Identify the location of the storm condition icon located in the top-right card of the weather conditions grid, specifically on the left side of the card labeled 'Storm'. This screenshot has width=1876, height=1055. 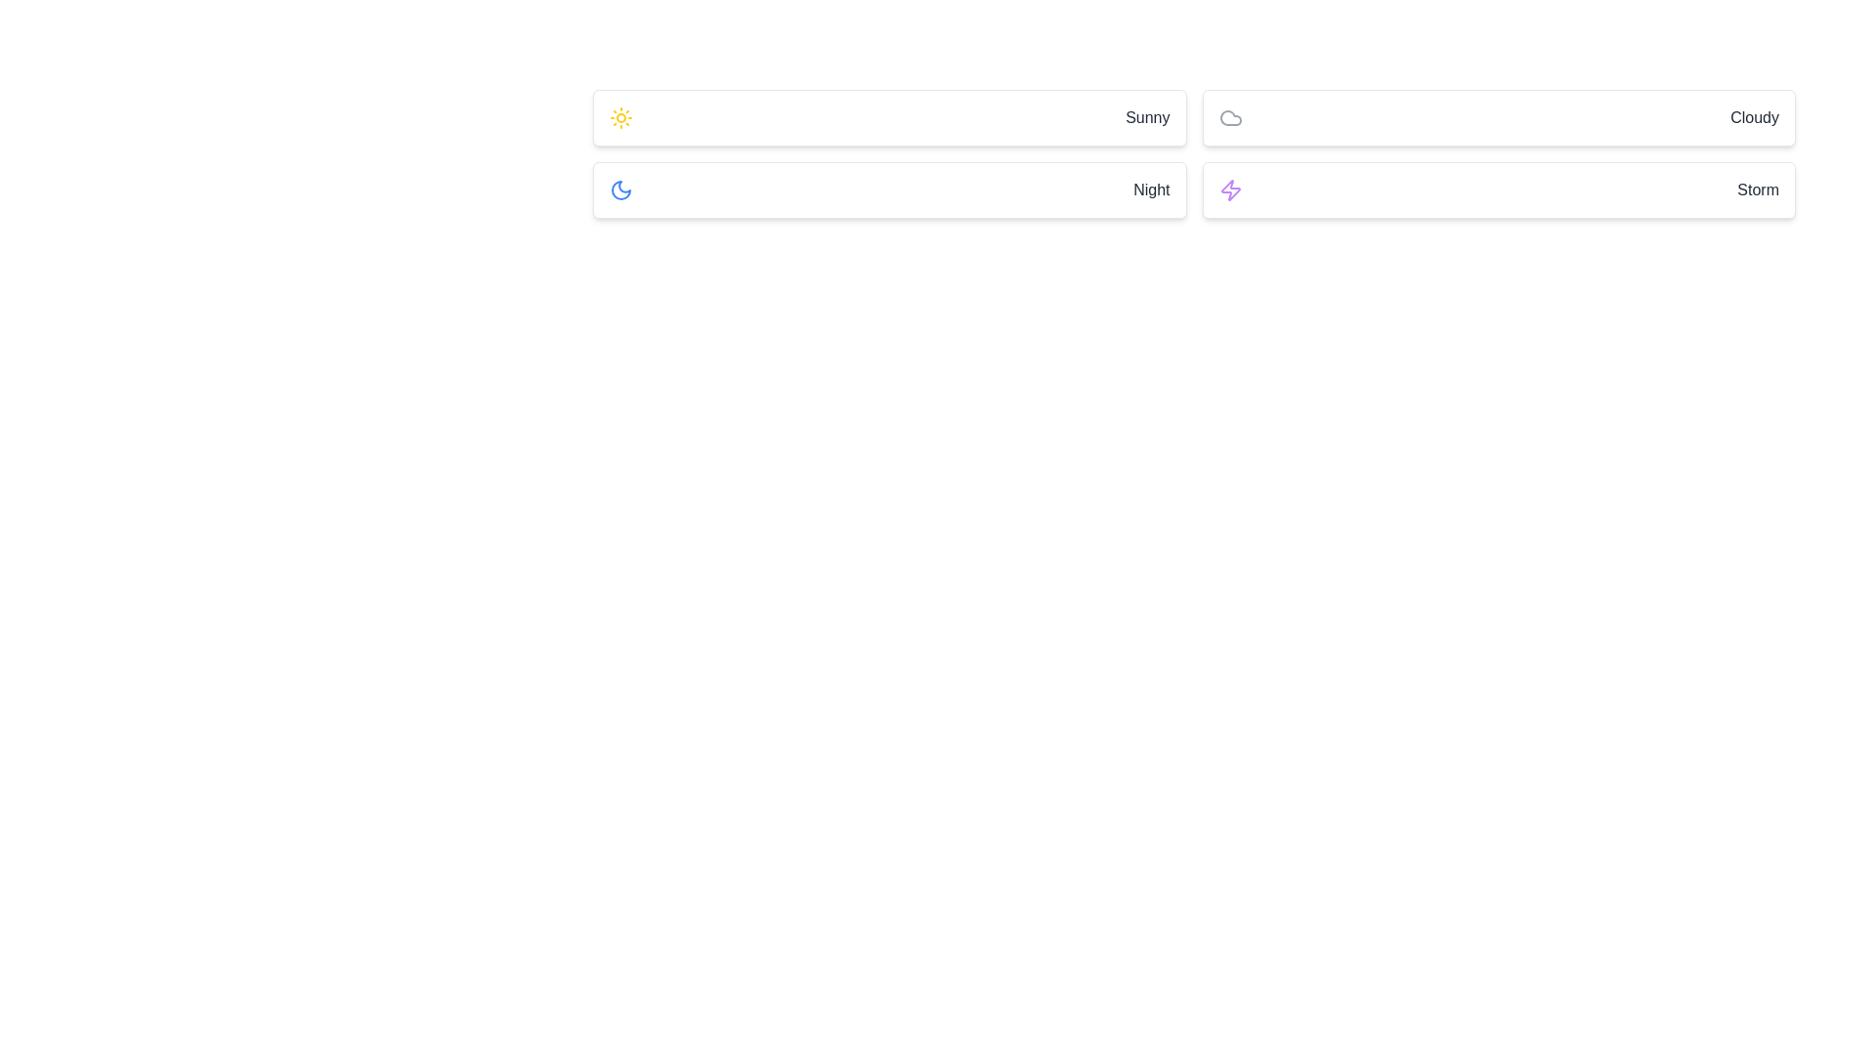
(1229, 190).